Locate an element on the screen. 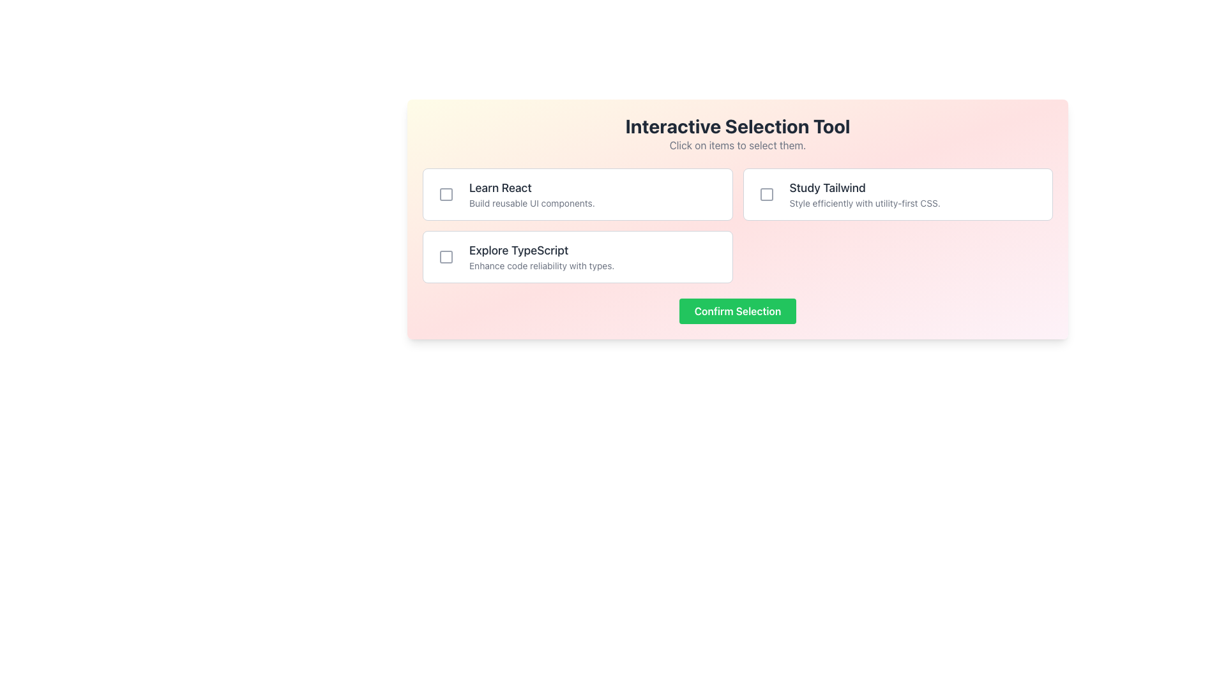  text label that says 'Enhance code reliability with types.' located directly below the heading 'Explore TypeScript' in the second item of the left column is located at coordinates (541, 265).